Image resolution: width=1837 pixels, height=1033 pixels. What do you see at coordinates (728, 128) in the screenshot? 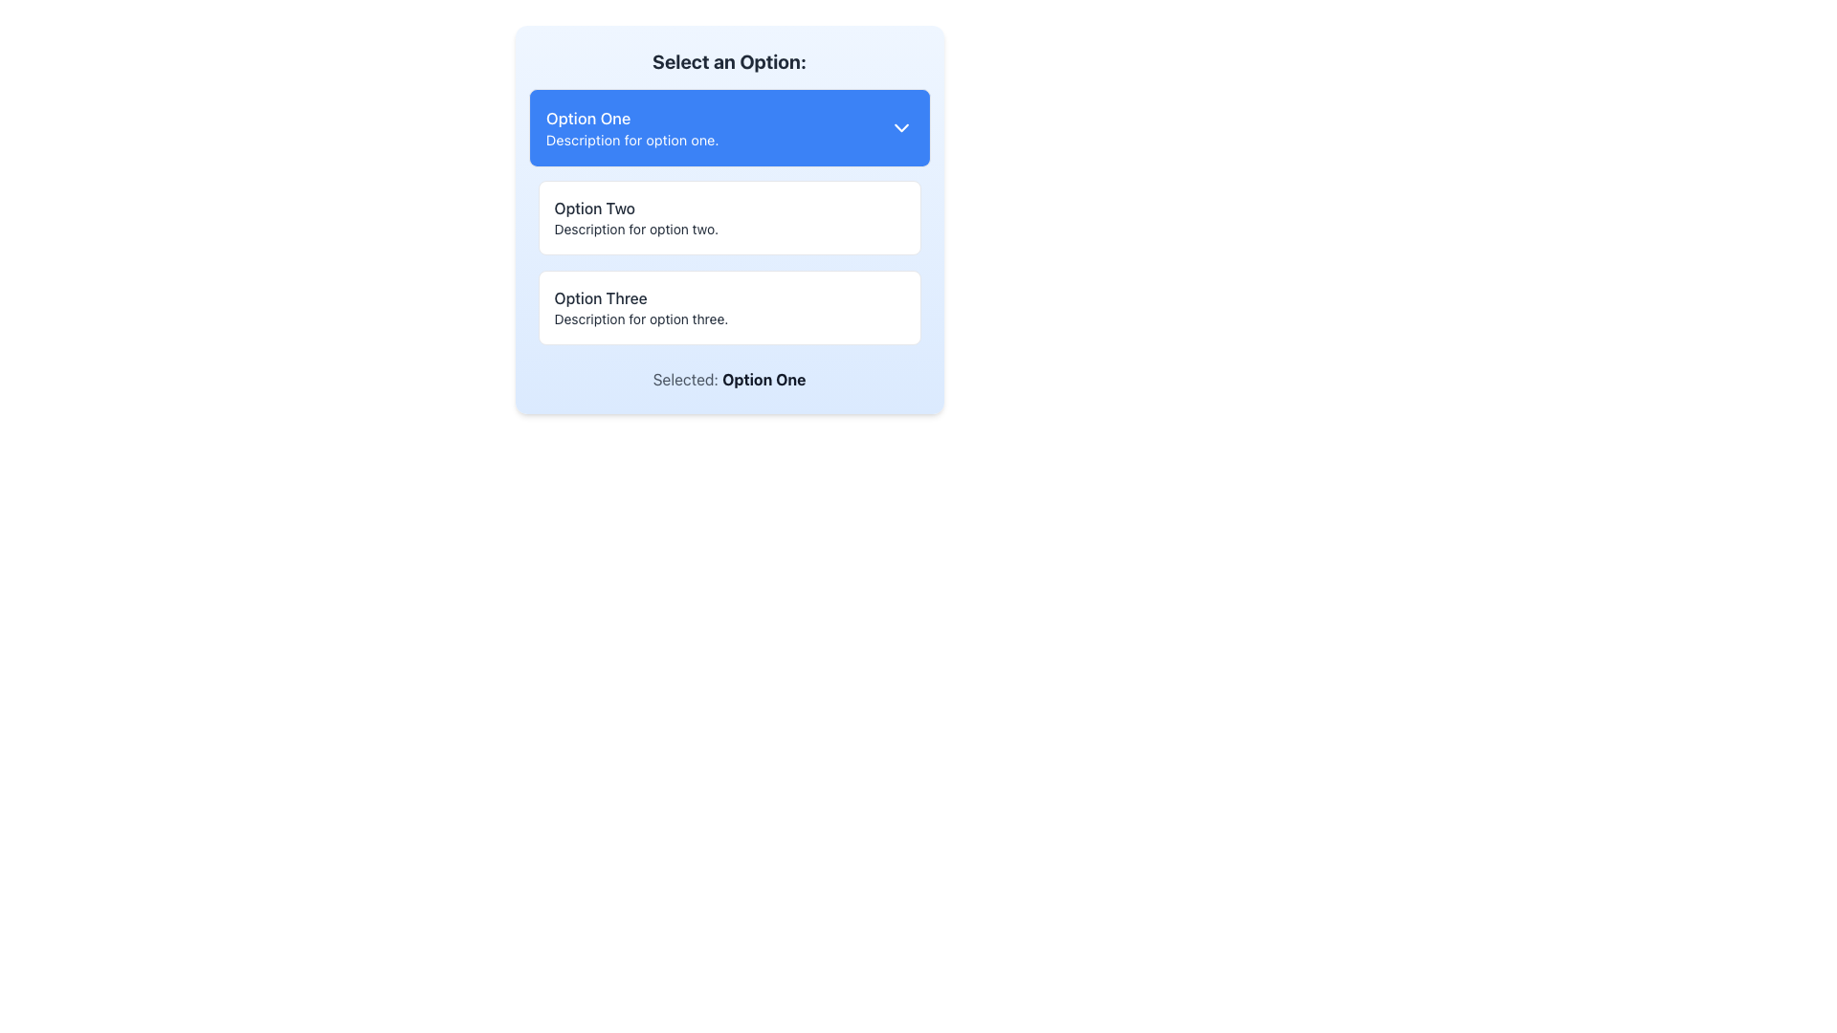
I see `the 'Option One' button located at the top of the selection group under the title 'Select an Option:'` at bounding box center [728, 128].